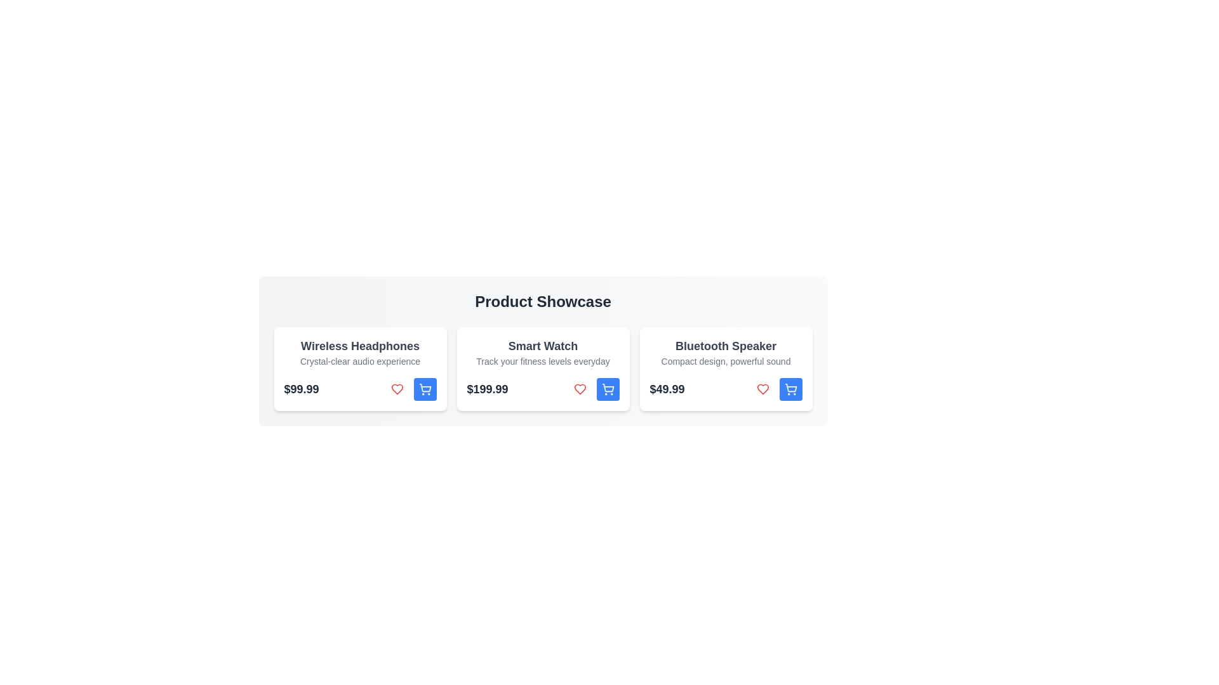 The image size is (1219, 685). What do you see at coordinates (543, 369) in the screenshot?
I see `the product card for Smart Watch to view its details` at bounding box center [543, 369].